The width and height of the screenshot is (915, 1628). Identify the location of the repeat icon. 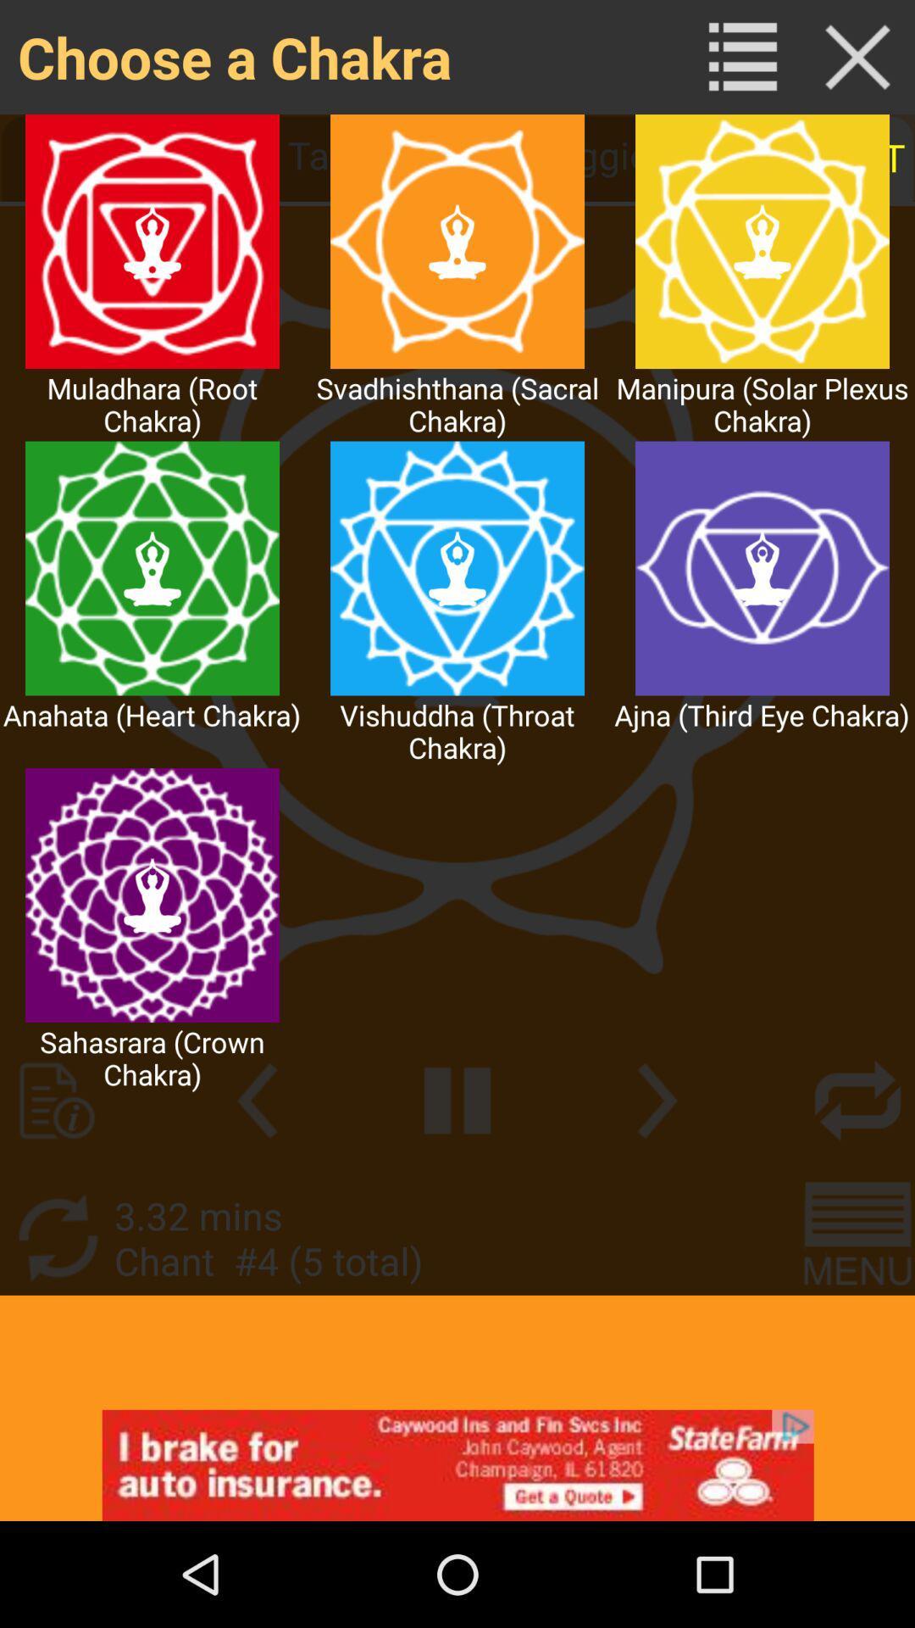
(857, 1177).